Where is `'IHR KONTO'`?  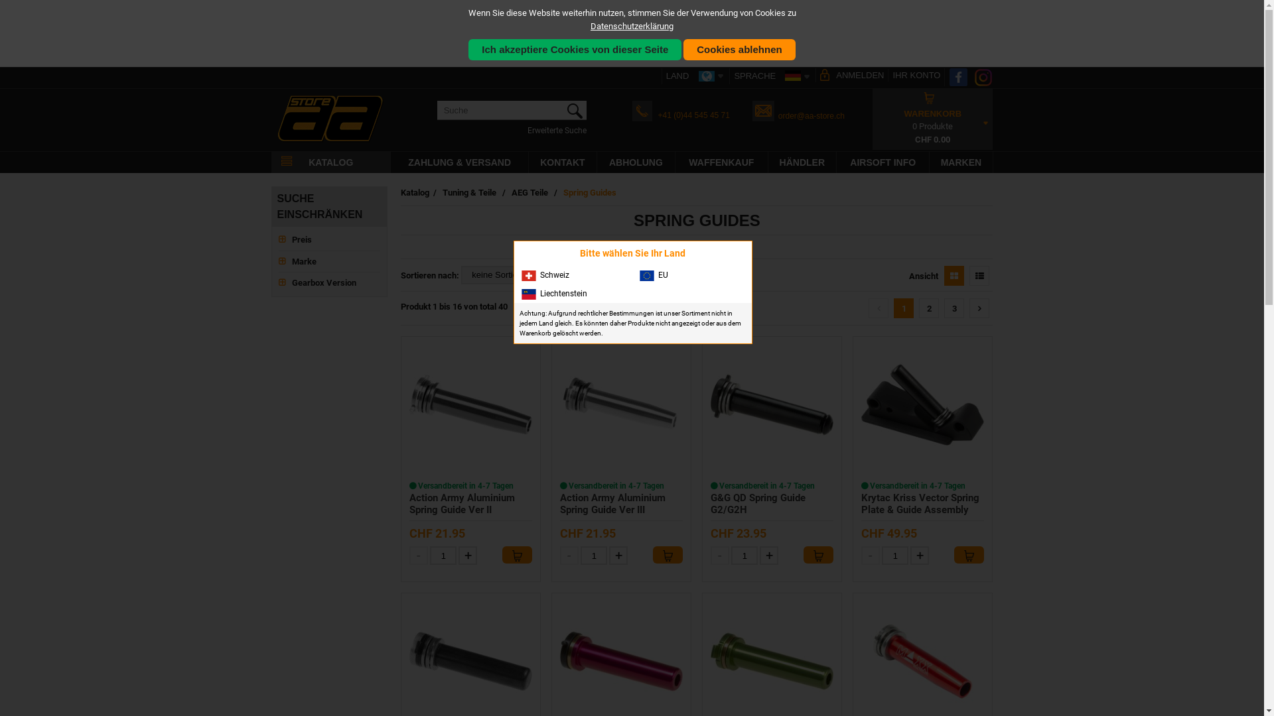 'IHR KONTO' is located at coordinates (915, 76).